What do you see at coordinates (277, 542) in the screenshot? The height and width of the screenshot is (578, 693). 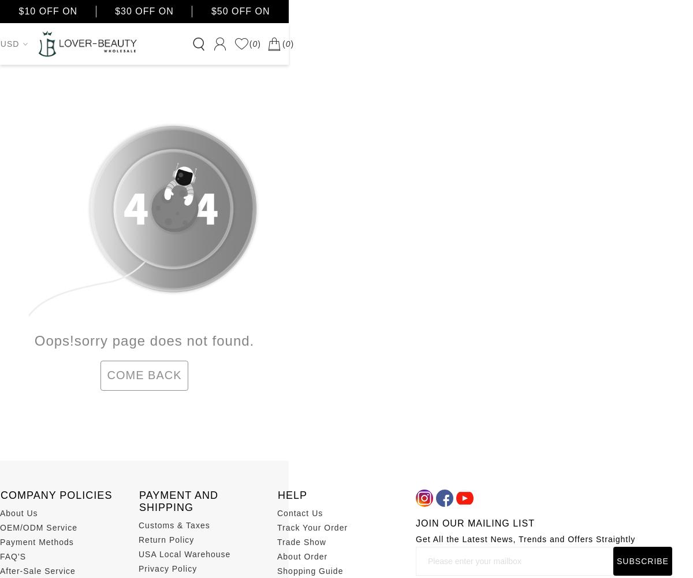 I see `'Trade Show'` at bounding box center [277, 542].